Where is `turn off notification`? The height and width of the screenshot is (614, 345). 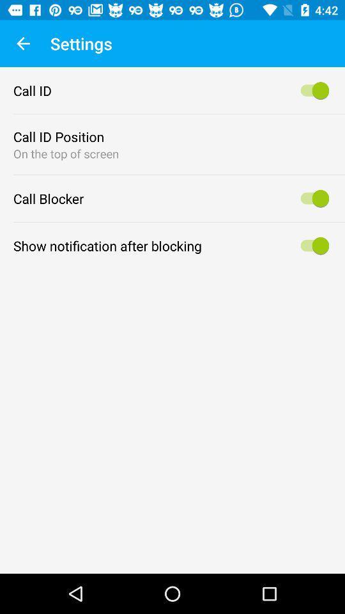
turn off notification is located at coordinates (312, 245).